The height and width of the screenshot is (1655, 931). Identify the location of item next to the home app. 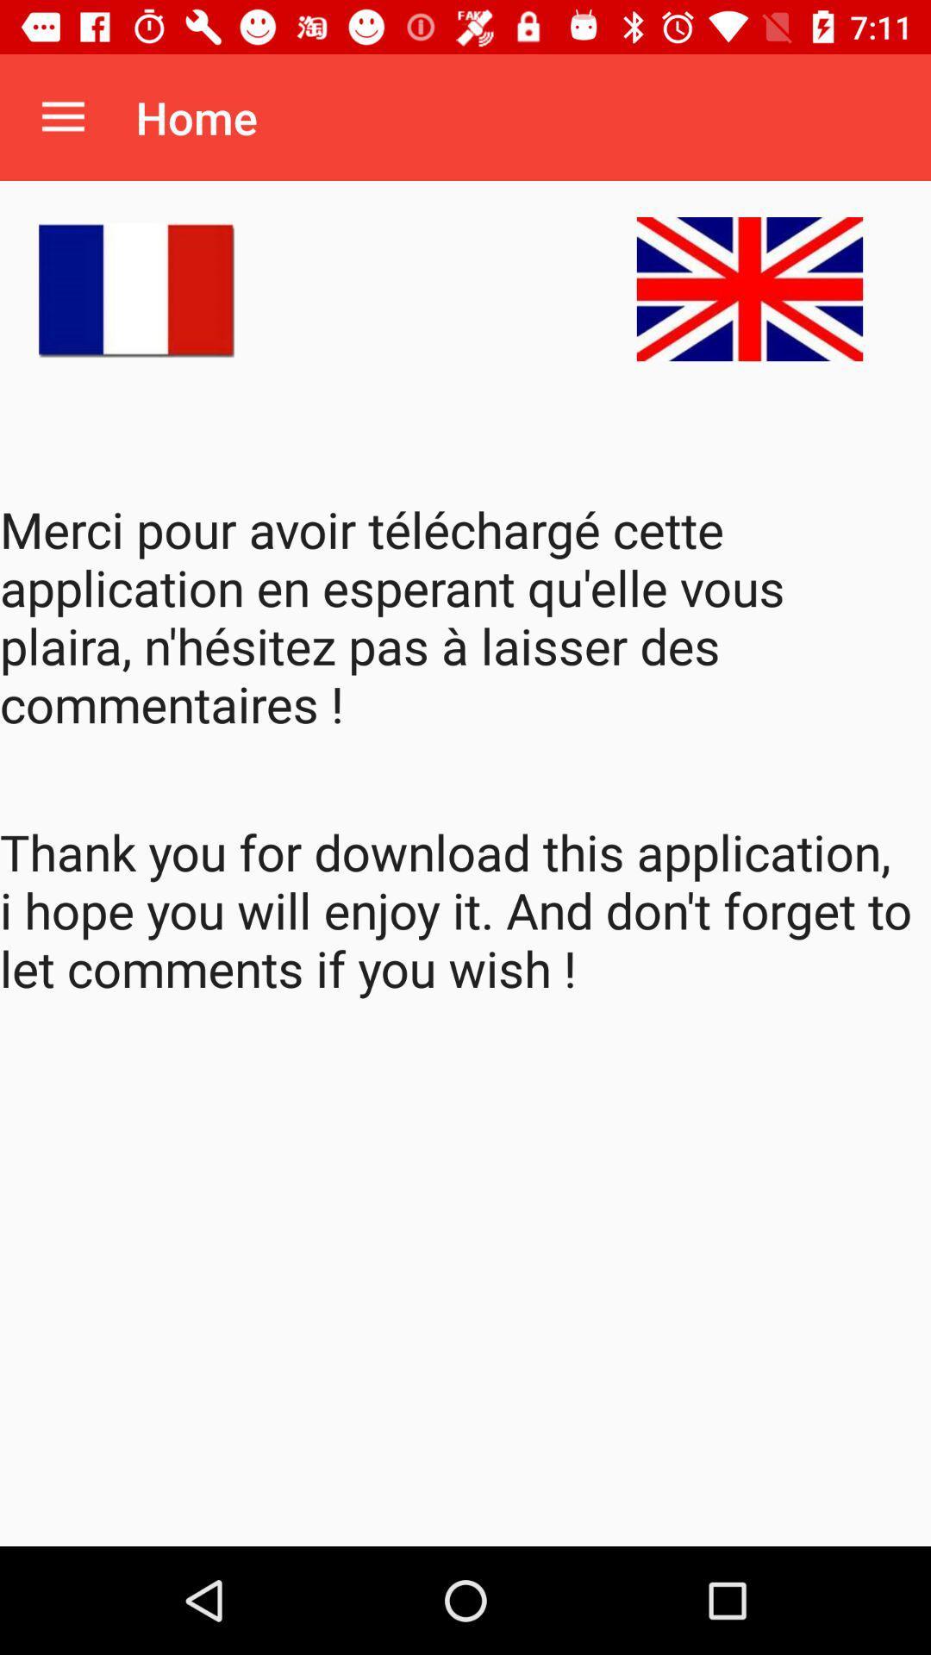
(62, 116).